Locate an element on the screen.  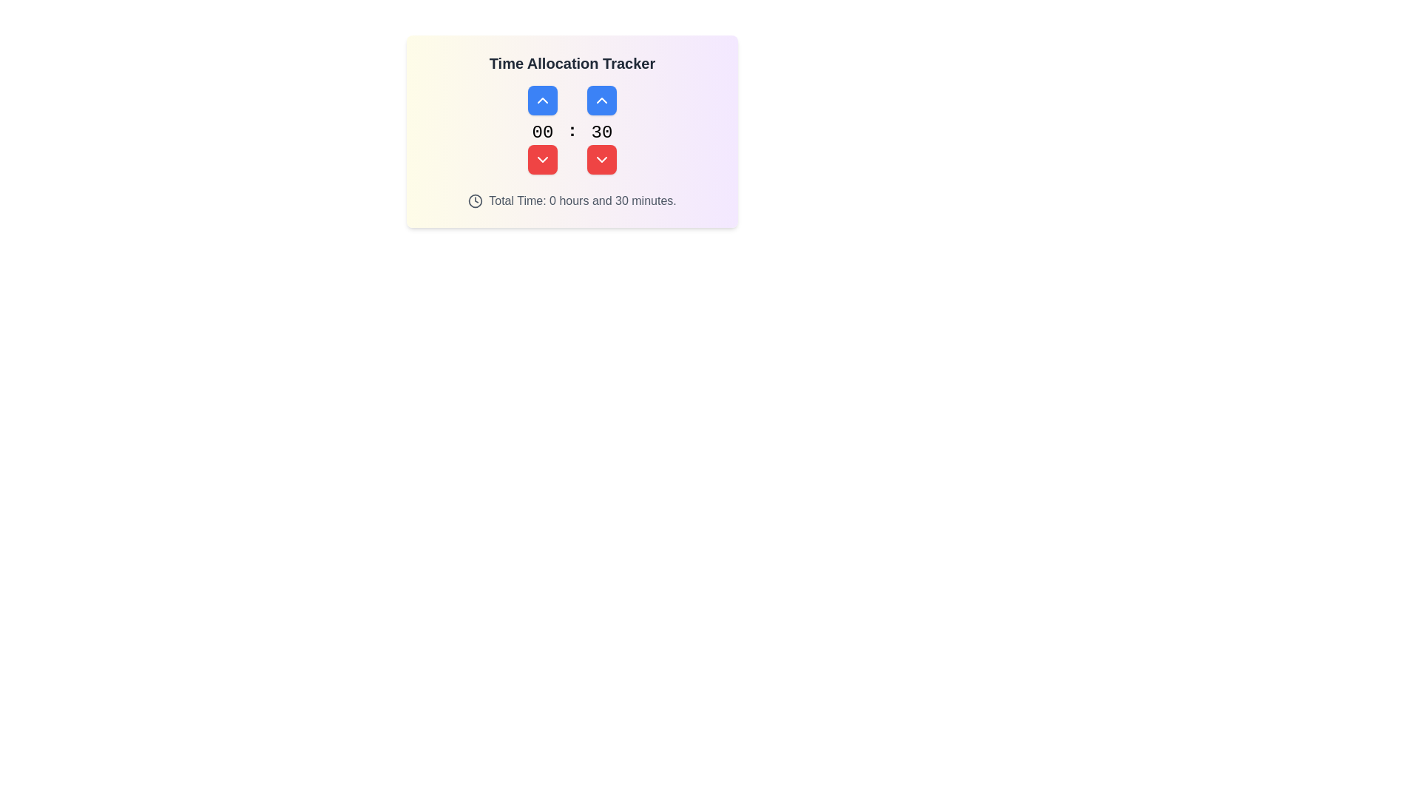
the small, triangular upward-pointing icon within the blue circular button is located at coordinates (602, 100).